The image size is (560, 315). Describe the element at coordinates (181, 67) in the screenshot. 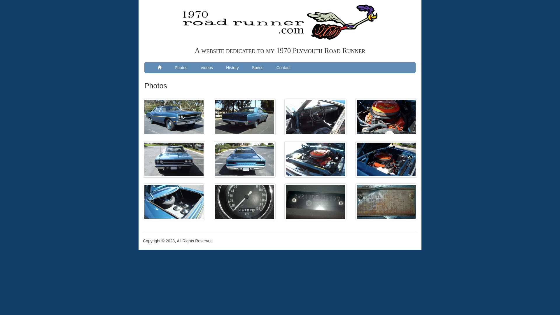

I see `'Photos'` at that location.